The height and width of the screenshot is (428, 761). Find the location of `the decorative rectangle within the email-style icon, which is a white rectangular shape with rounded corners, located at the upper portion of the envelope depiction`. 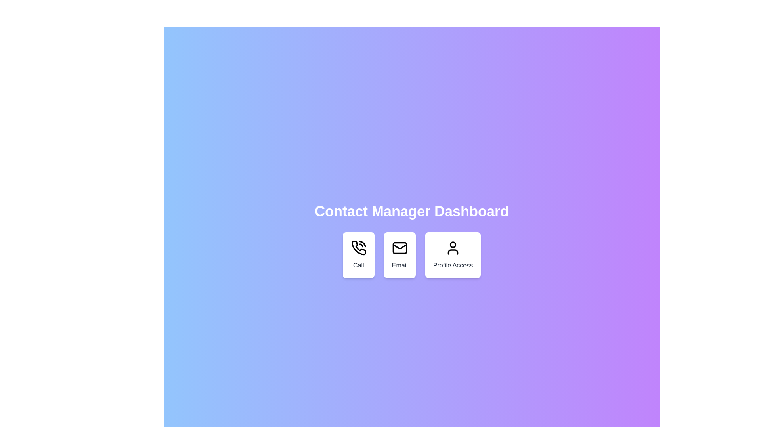

the decorative rectangle within the email-style icon, which is a white rectangular shape with rounded corners, located at the upper portion of the envelope depiction is located at coordinates (400, 247).